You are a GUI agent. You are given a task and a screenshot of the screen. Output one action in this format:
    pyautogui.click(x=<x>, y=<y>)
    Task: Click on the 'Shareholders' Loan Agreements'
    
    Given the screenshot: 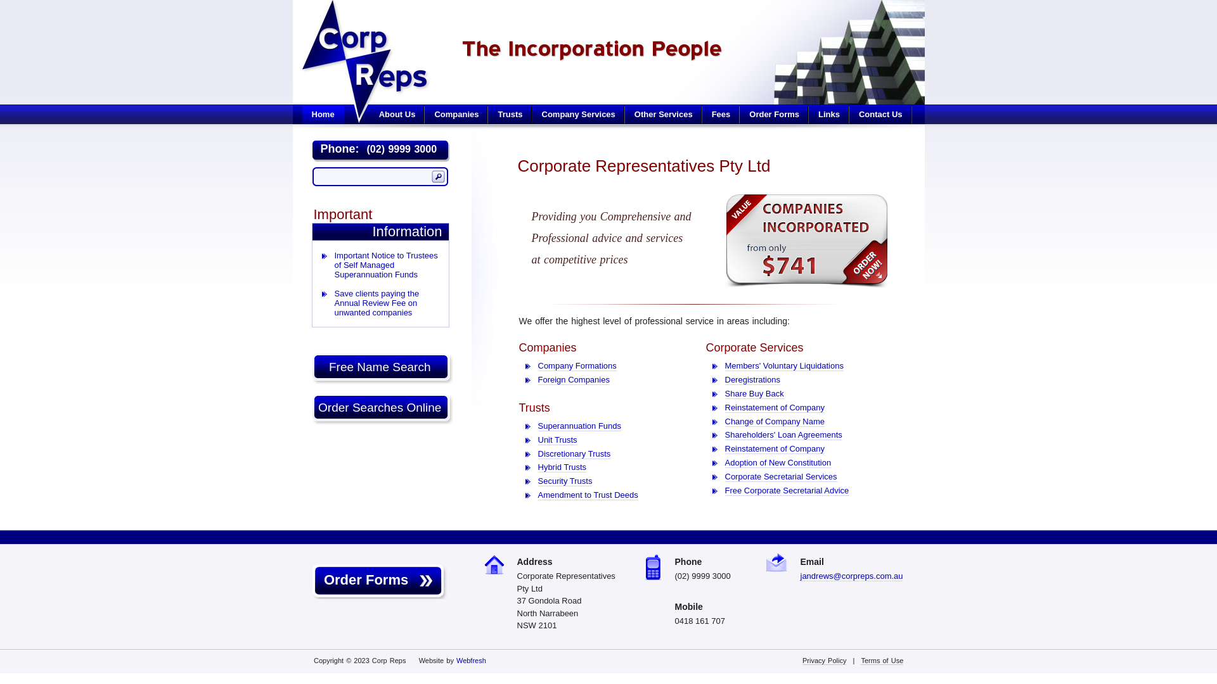 What is the action you would take?
    pyautogui.click(x=783, y=434)
    